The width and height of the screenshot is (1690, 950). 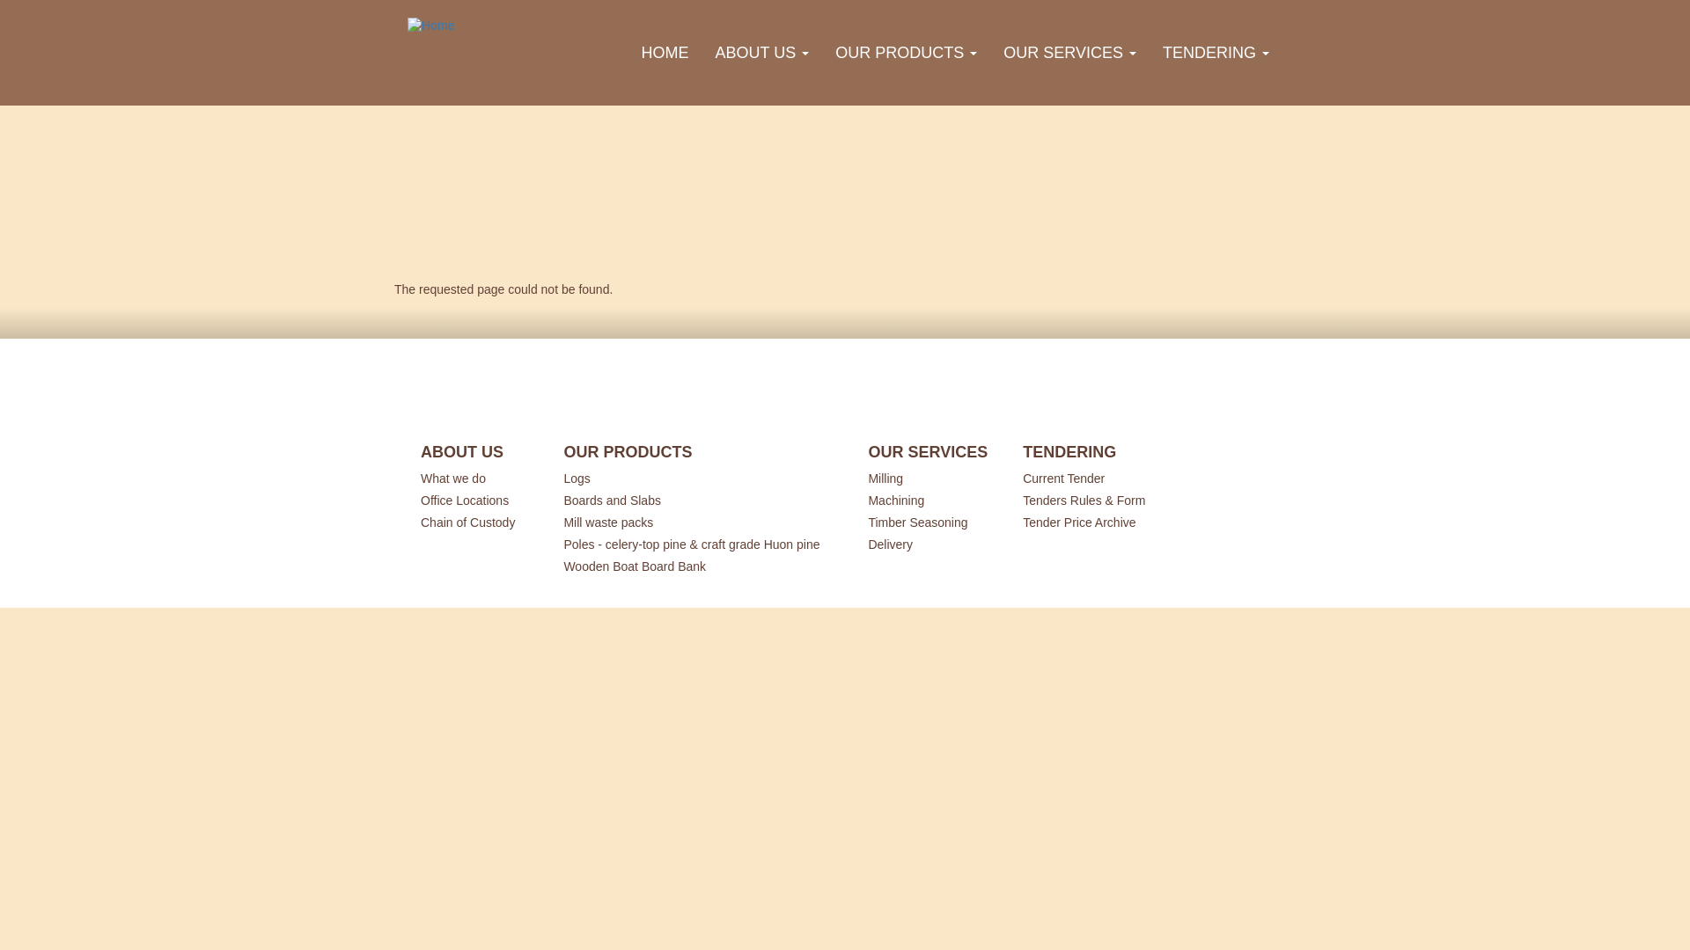 What do you see at coordinates (474, 477) in the screenshot?
I see `'What we do'` at bounding box center [474, 477].